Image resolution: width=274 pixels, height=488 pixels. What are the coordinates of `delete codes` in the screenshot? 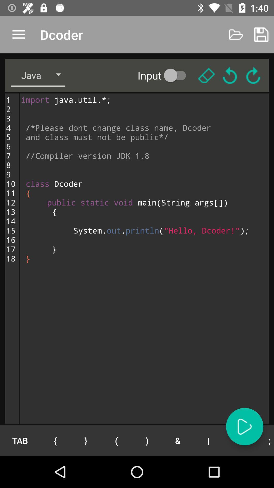 It's located at (206, 75).